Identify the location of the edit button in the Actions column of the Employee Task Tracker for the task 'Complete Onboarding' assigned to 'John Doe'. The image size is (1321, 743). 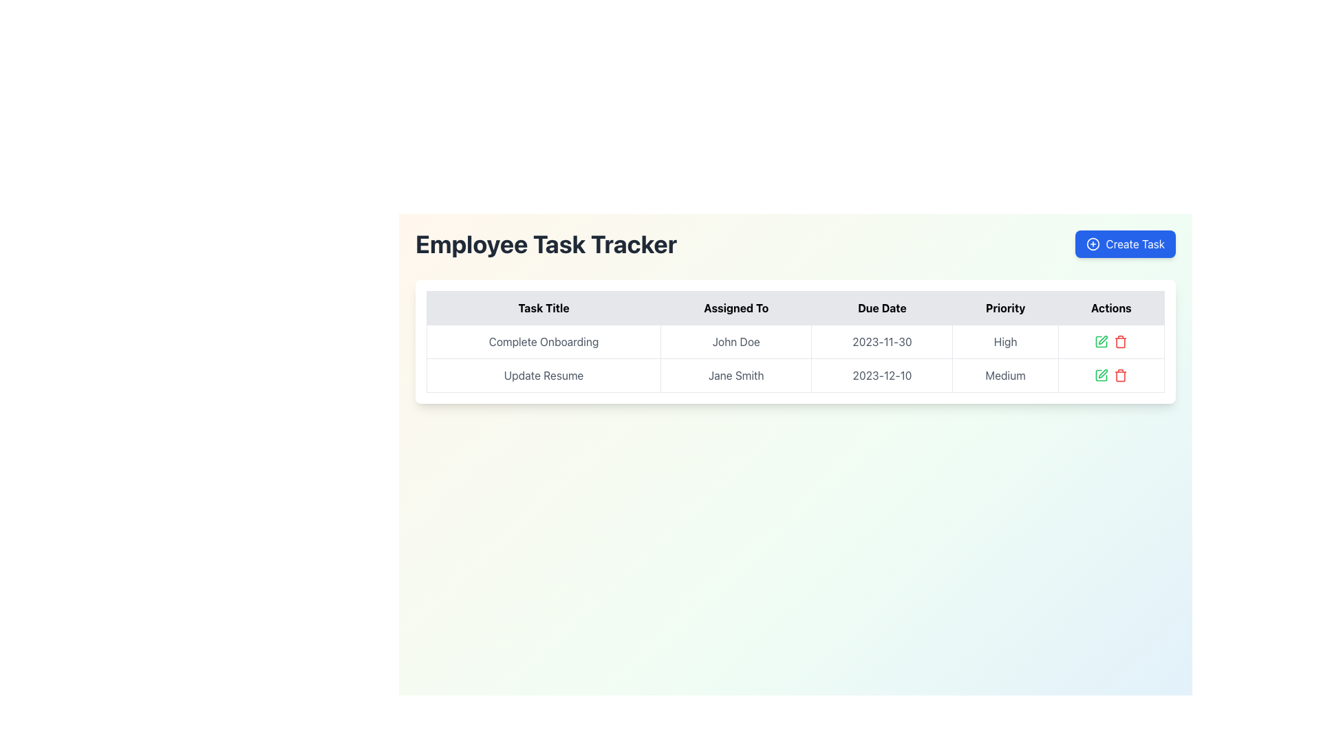
(1111, 341).